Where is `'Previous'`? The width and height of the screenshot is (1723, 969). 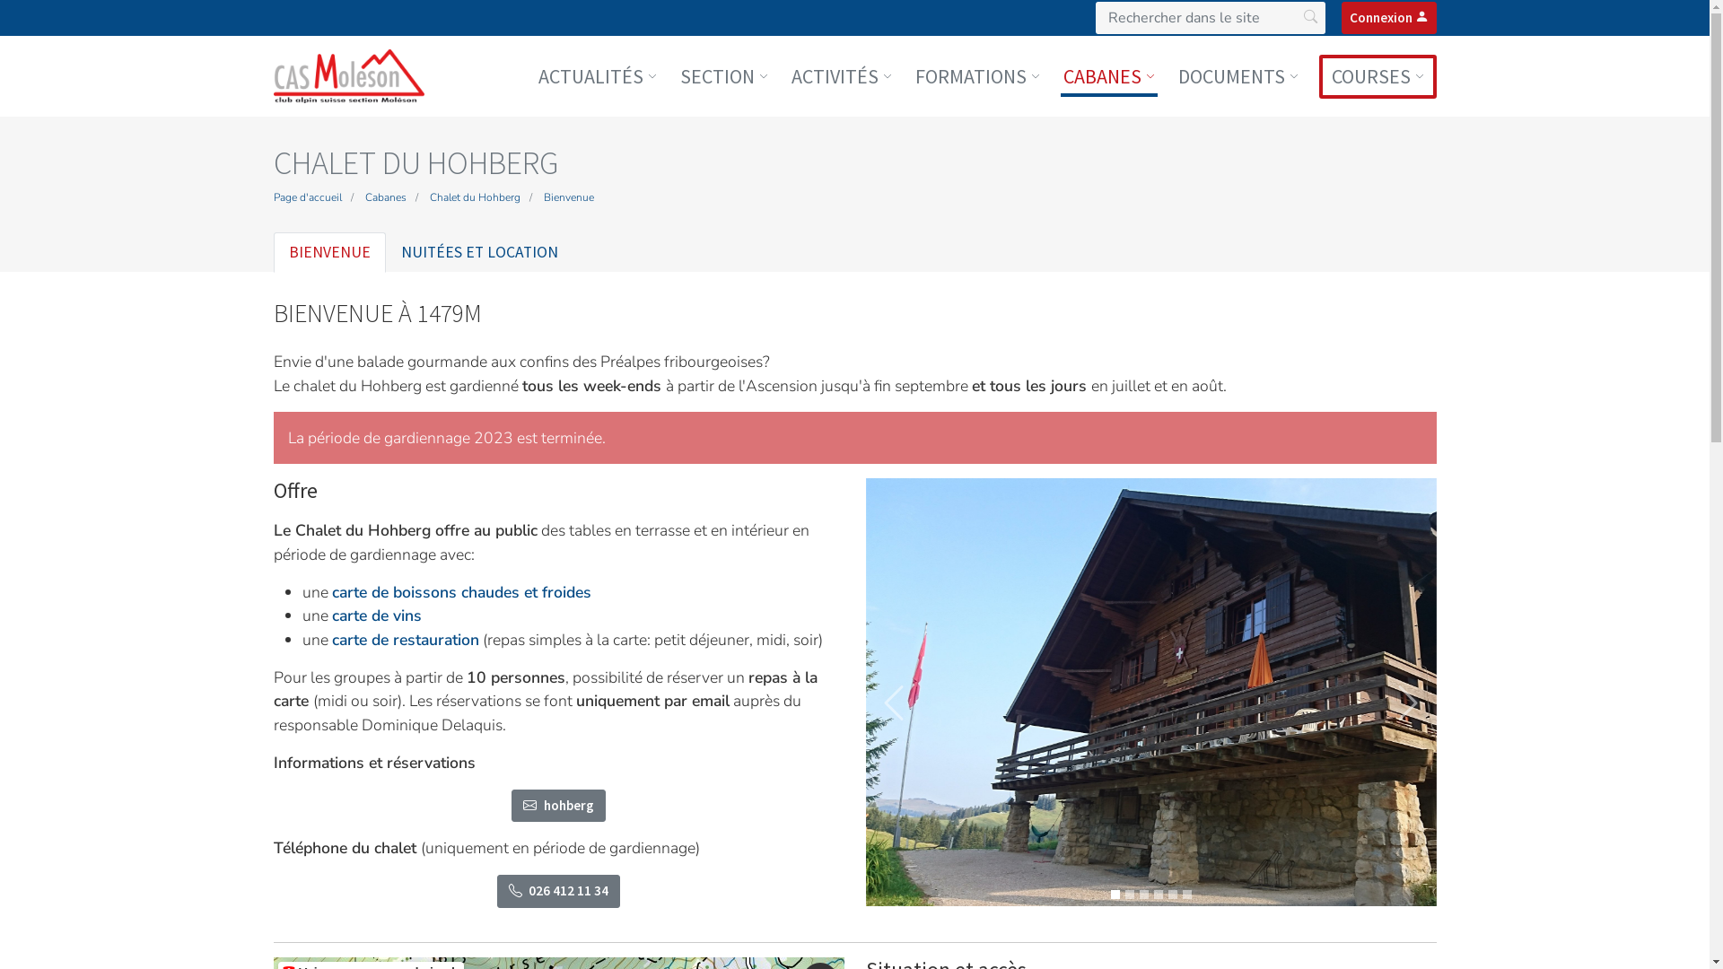
'Previous' is located at coordinates (894, 702).